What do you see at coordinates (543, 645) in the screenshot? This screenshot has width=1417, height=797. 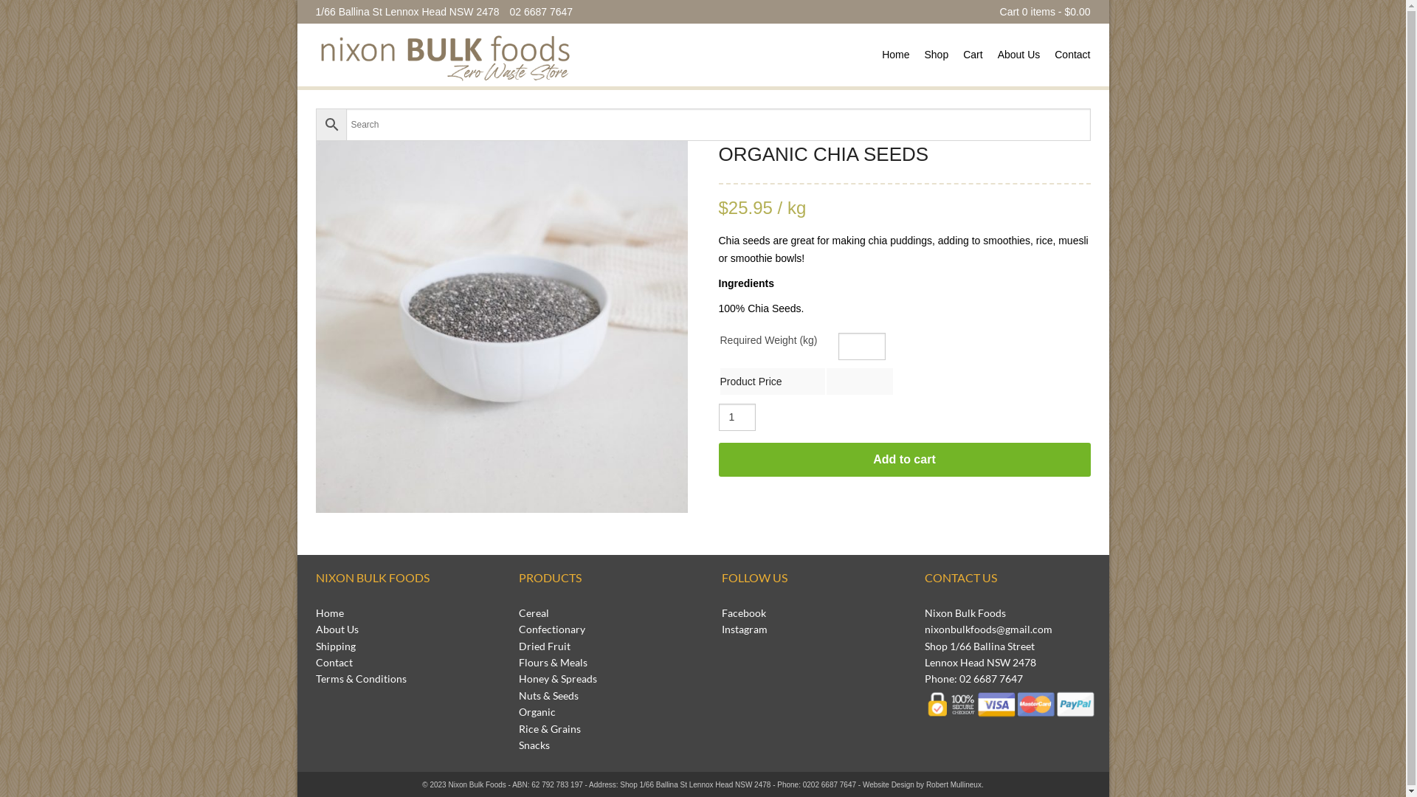 I see `'Dried Fruit'` at bounding box center [543, 645].